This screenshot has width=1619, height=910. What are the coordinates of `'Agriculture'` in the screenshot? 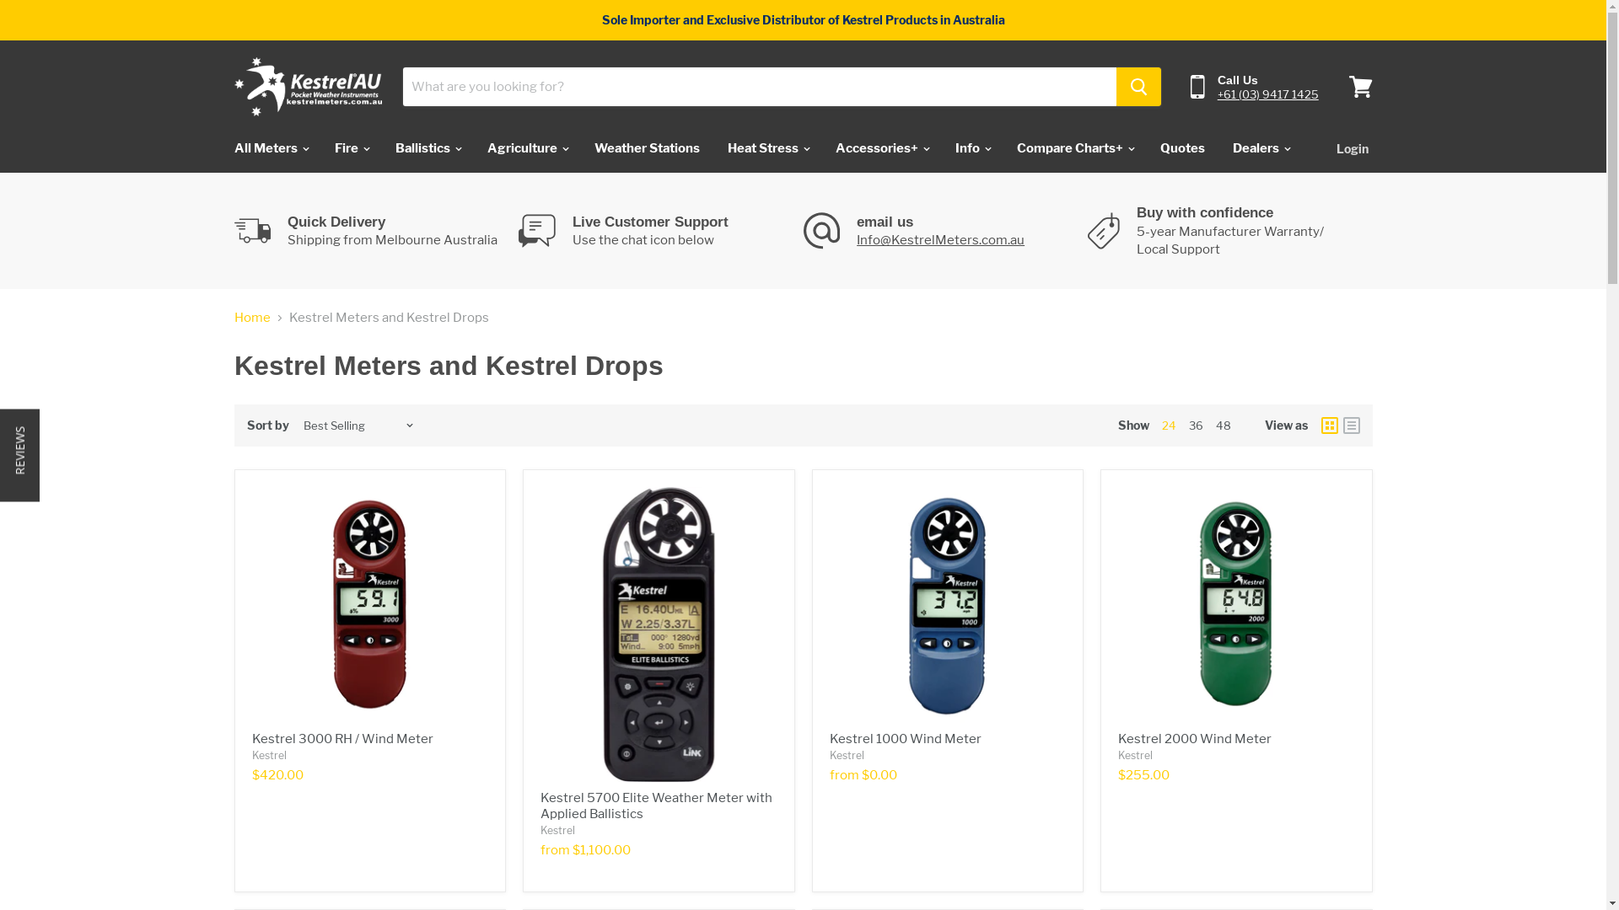 It's located at (525, 147).